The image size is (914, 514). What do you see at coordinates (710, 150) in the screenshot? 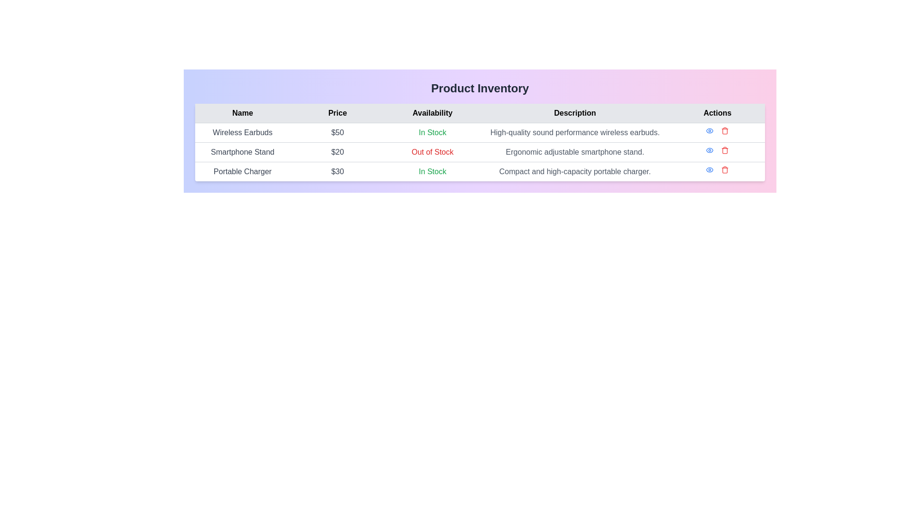
I see `the eye icon button in the 'Actions' column for the 'Smartphone Stand' product` at bounding box center [710, 150].